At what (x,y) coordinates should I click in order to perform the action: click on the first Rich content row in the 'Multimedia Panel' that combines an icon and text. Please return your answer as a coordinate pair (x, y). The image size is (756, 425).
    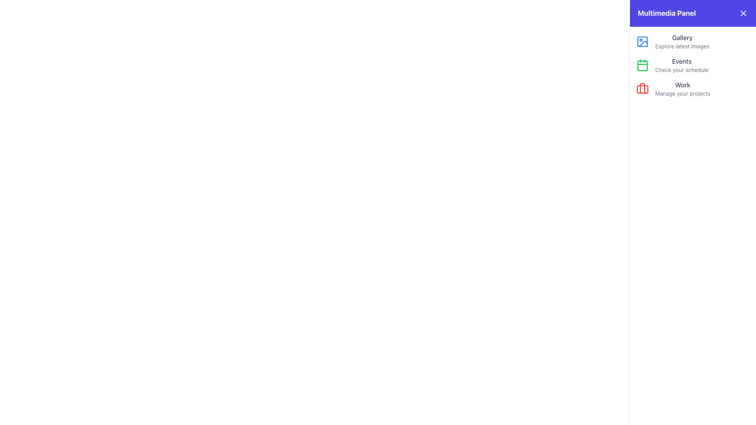
    Looking at the image, I should click on (693, 41).